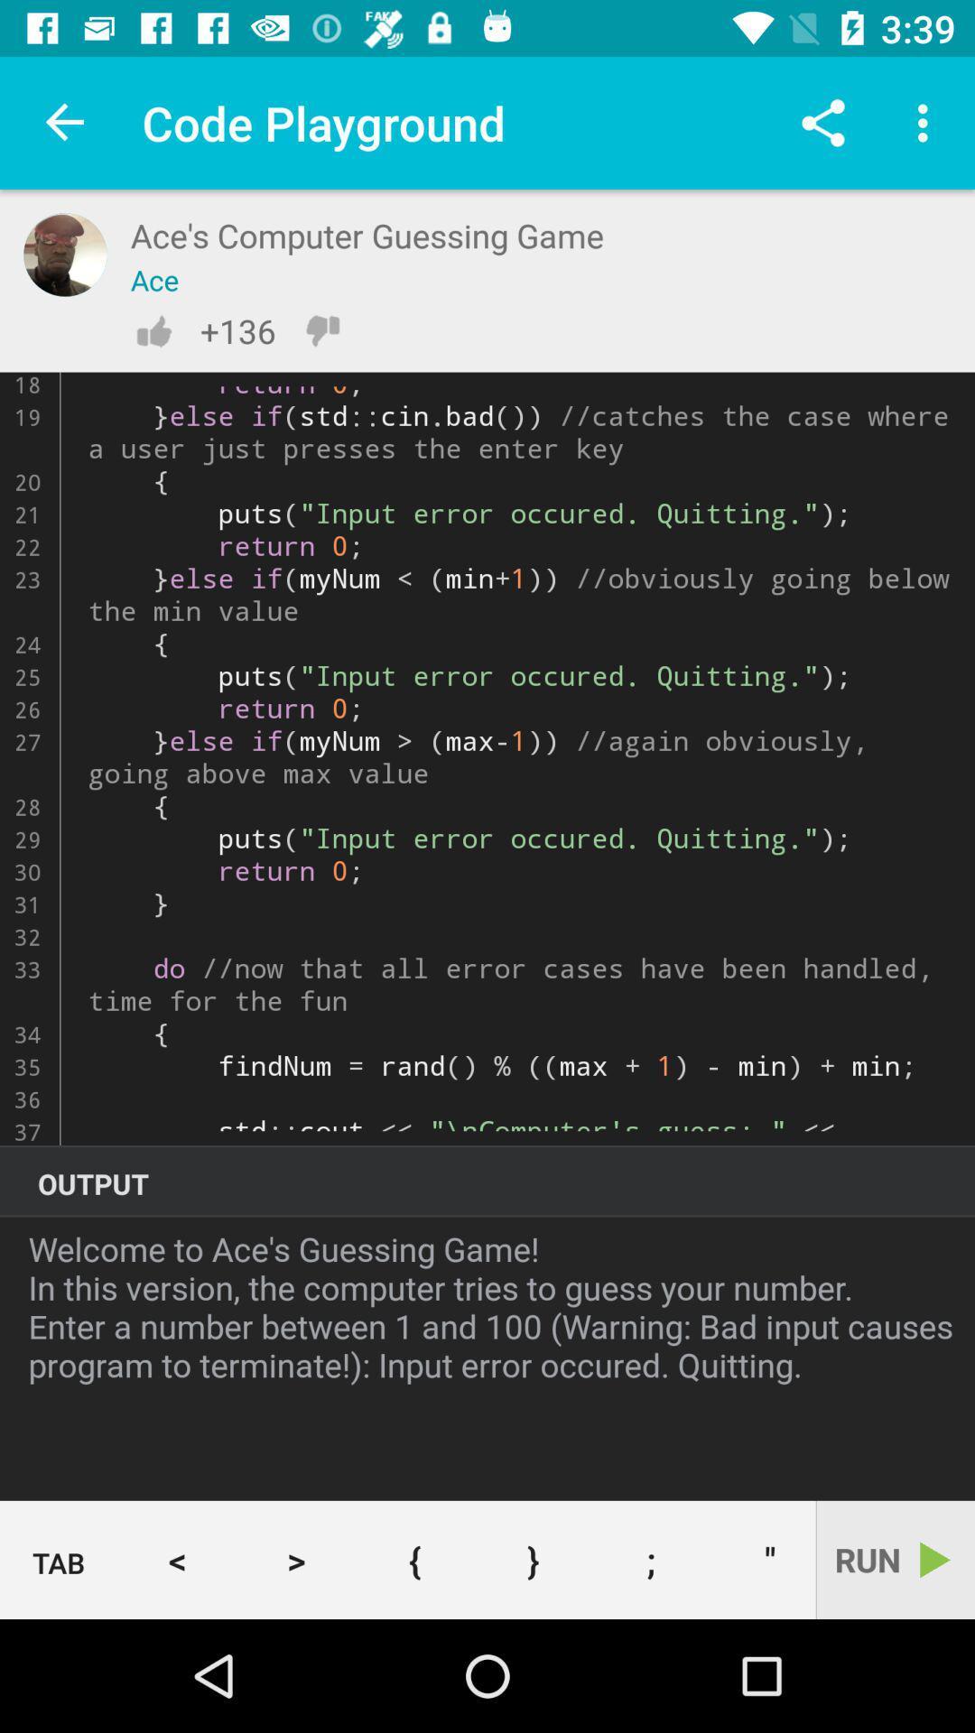  What do you see at coordinates (153, 330) in the screenshot?
I see `like button` at bounding box center [153, 330].